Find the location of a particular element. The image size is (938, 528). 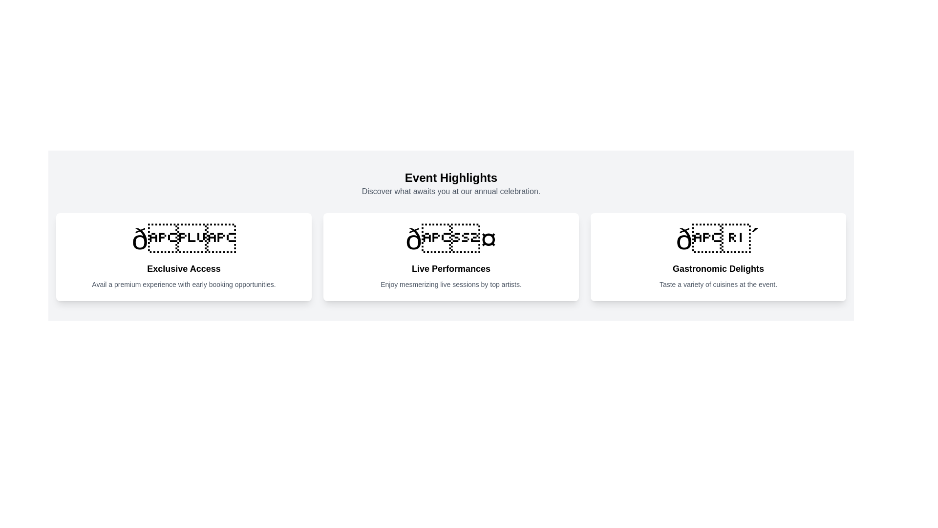

the static text content located centrally beneath the 'Event Highlights' title, which serves as a subtitle or descriptor for the section is located at coordinates (450, 192).